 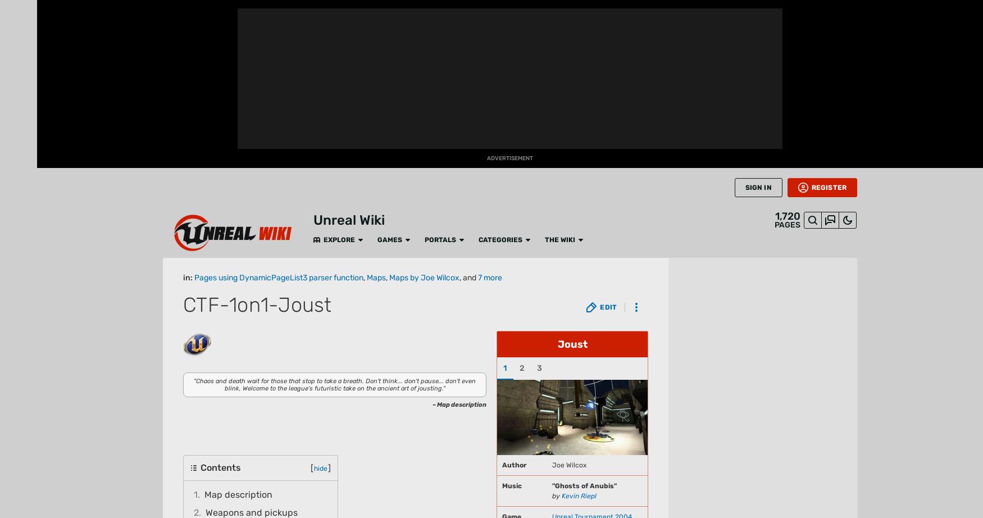 What do you see at coordinates (203, 63) in the screenshot?
I see `'There are only 2 spawn points per team.  If you have more players than that on your team, you can stand on the enemy spawn points, preventing them from spawning.  Your team is then free to score as many points as possible before an admin bans you for exploiting.'` at bounding box center [203, 63].